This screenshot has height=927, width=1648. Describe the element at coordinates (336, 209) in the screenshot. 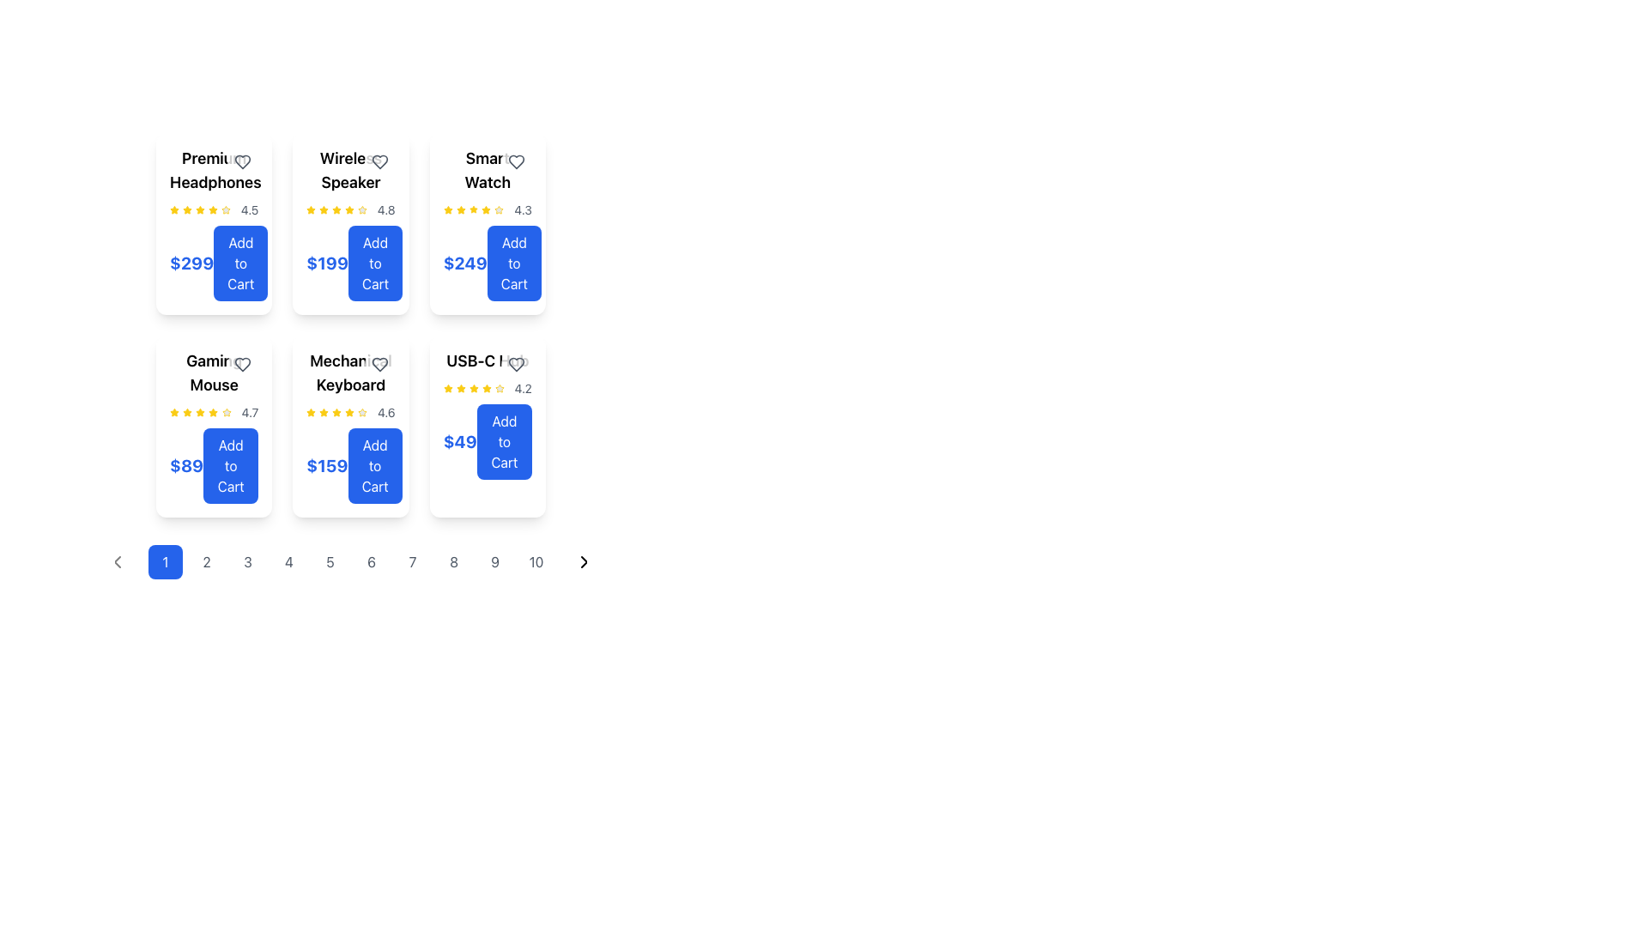

I see `the yellow star icon representing the rating for the 'Wireless Speaker' item, which is the second card from the left in the grid layout` at that location.